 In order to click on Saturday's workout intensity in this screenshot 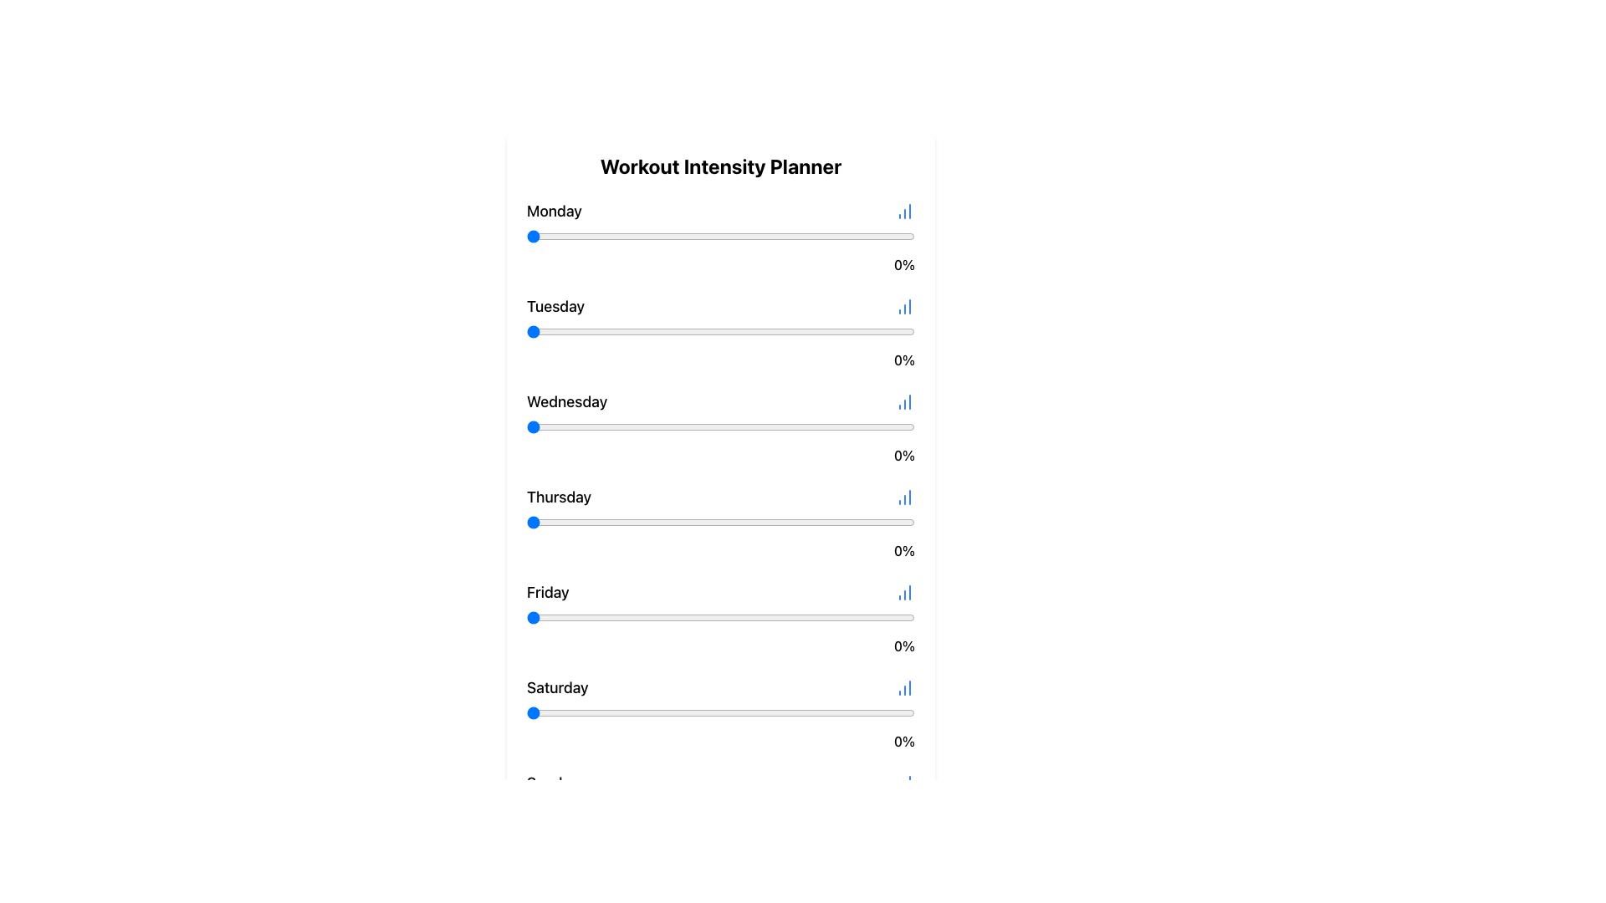, I will do `click(542, 712)`.